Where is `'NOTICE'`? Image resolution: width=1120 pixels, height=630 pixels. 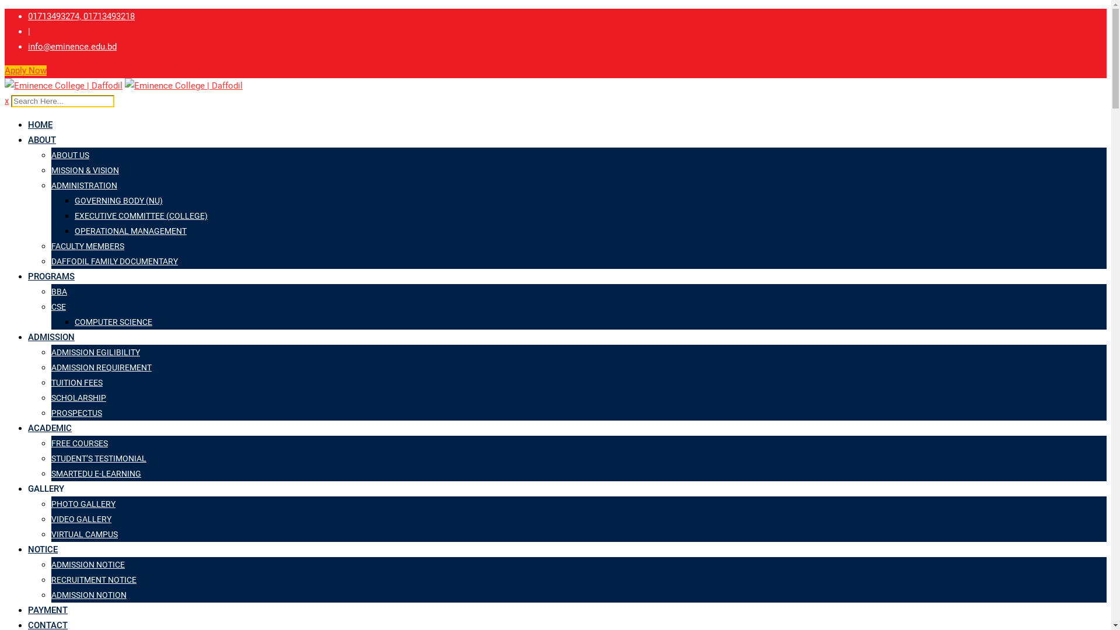
'NOTICE' is located at coordinates (43, 549).